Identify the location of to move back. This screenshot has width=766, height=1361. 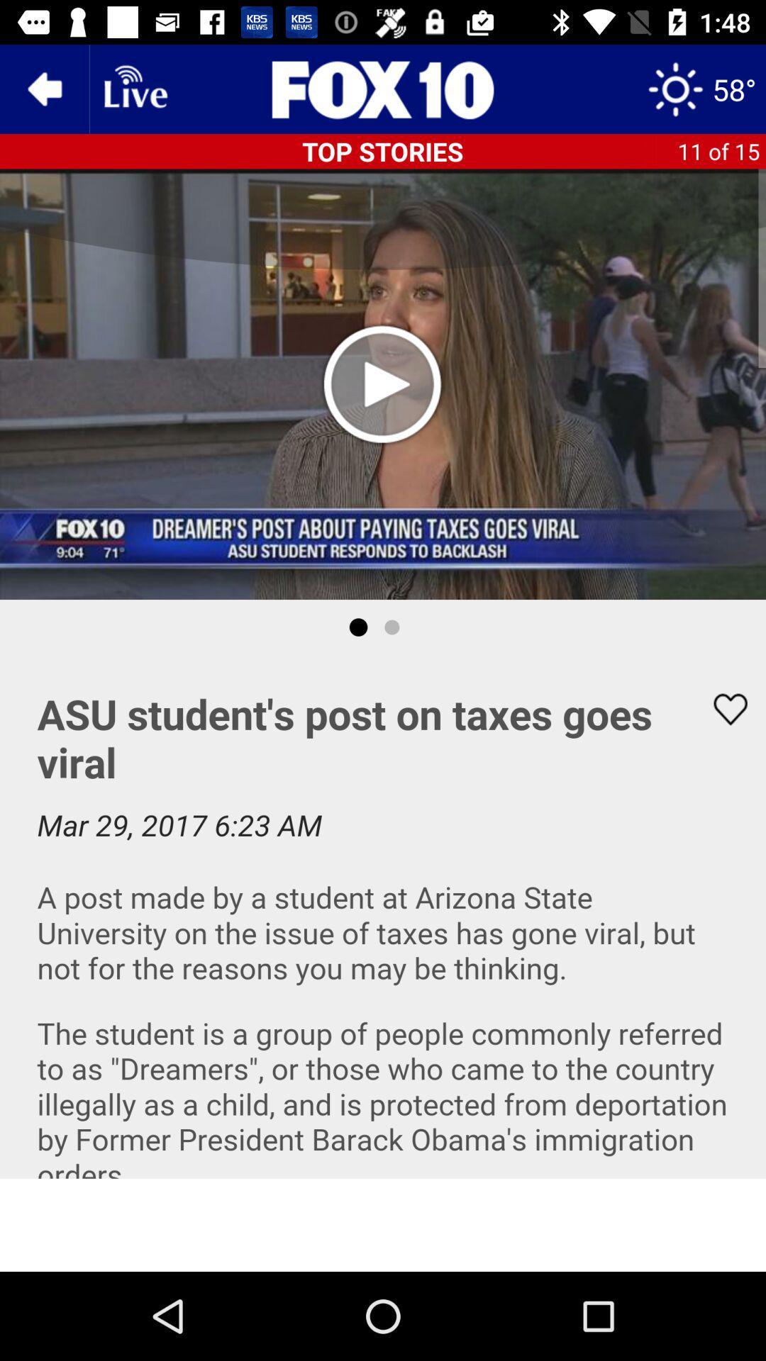
(43, 88).